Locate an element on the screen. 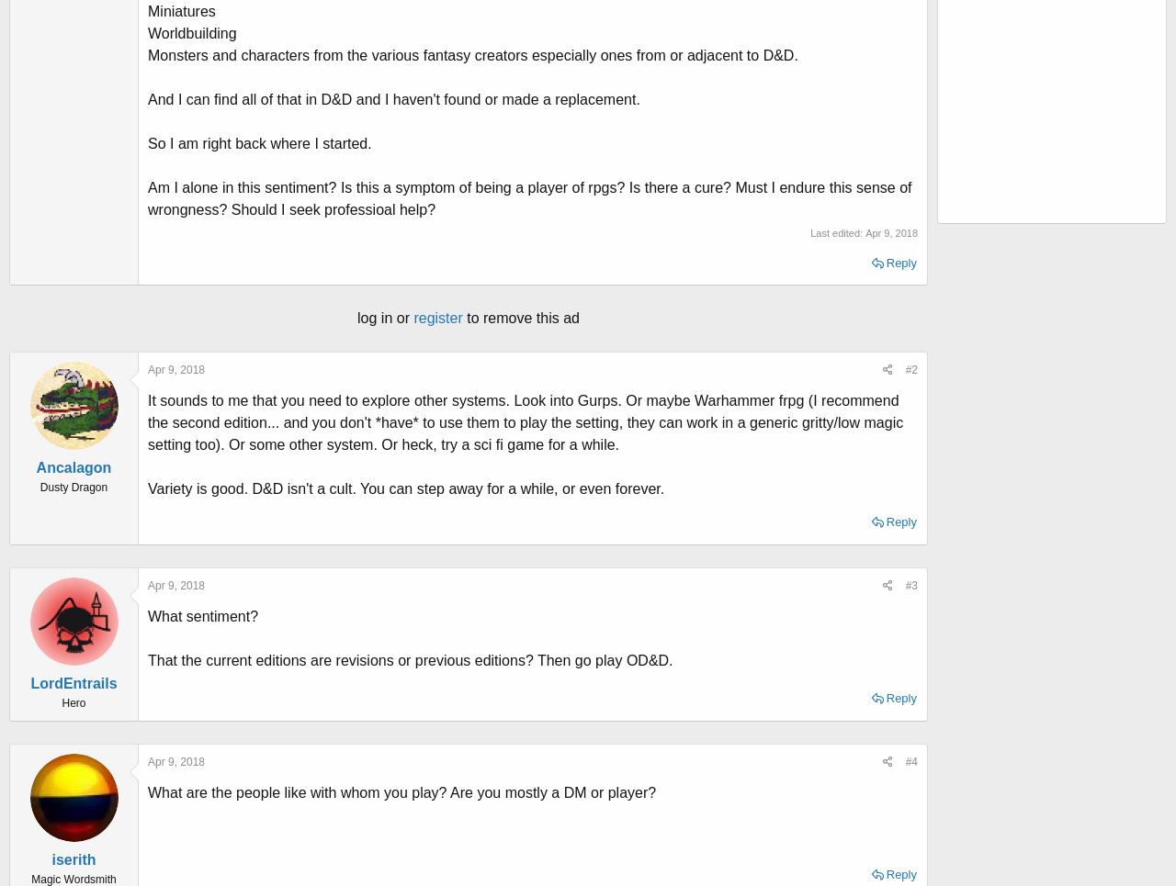 The image size is (1176, 886). 'Last edited:' is located at coordinates (837, 231).